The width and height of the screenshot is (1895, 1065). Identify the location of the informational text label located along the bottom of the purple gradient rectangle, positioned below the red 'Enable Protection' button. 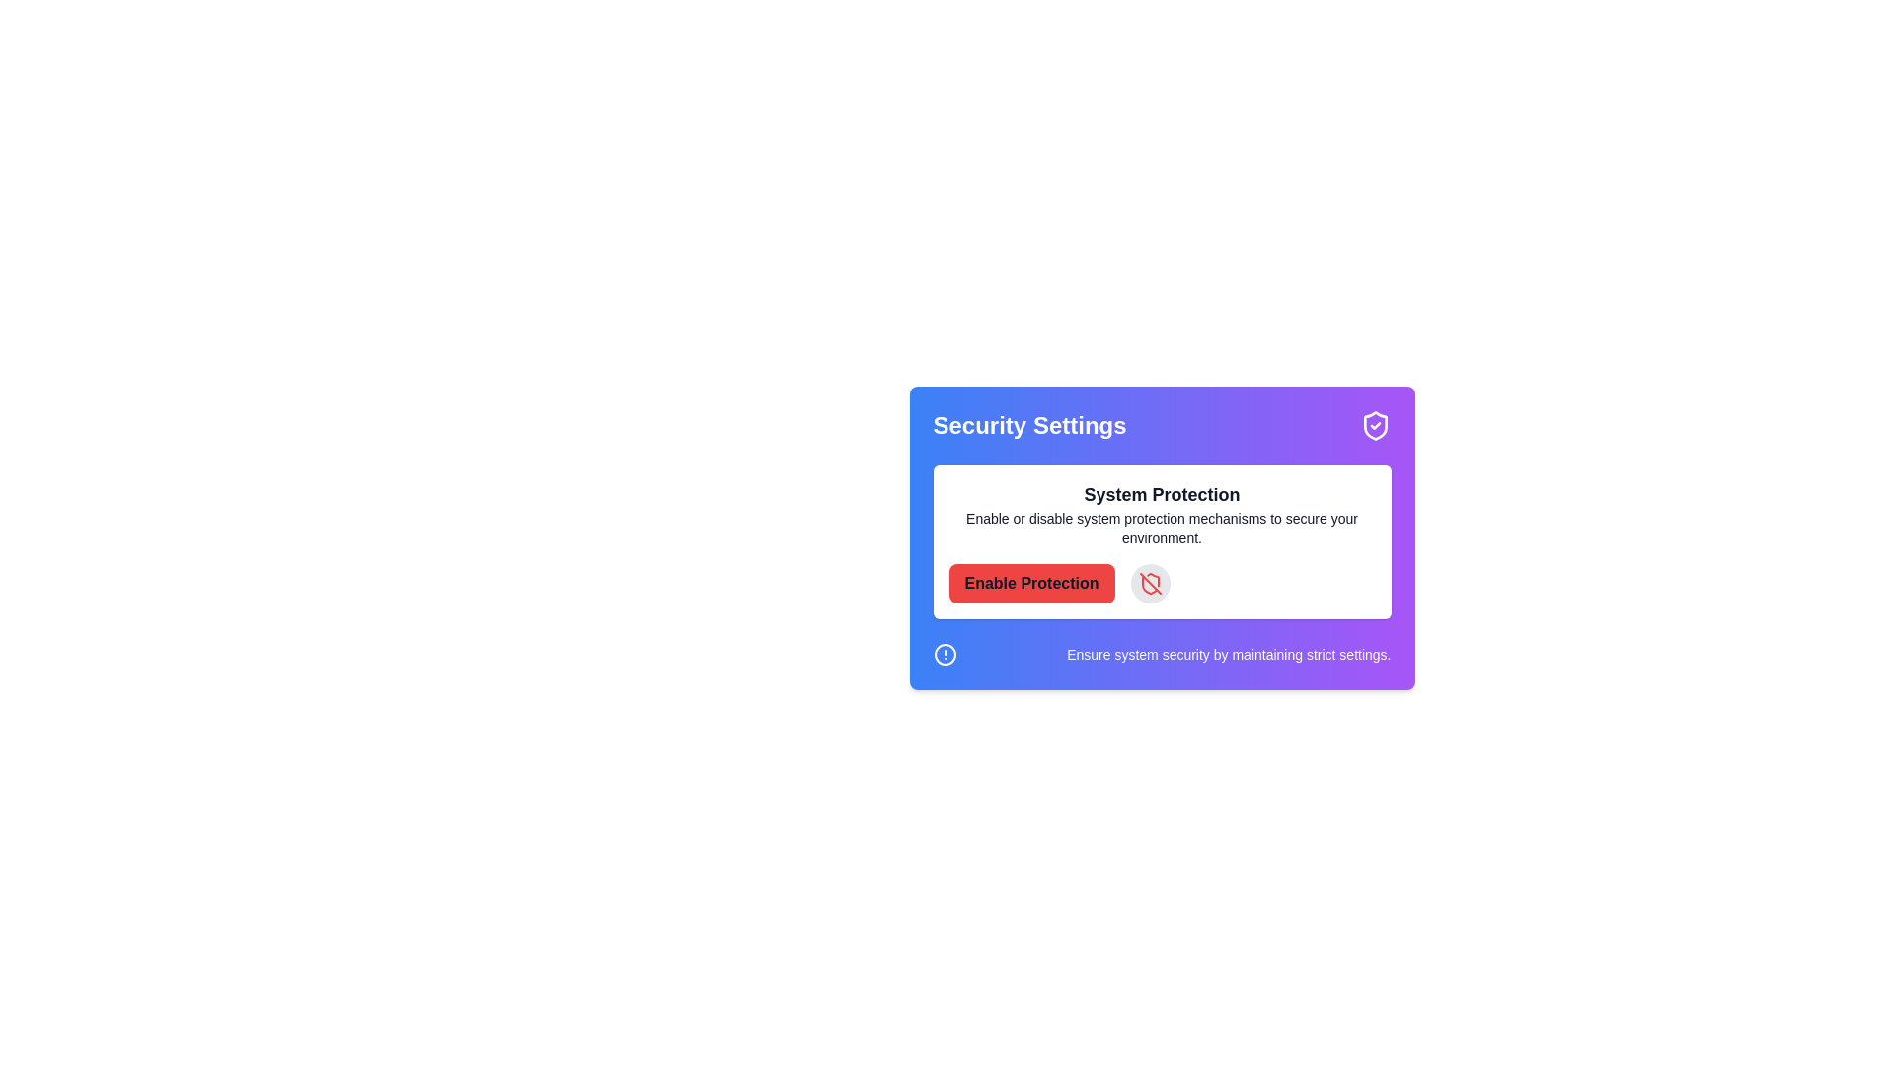
(1228, 654).